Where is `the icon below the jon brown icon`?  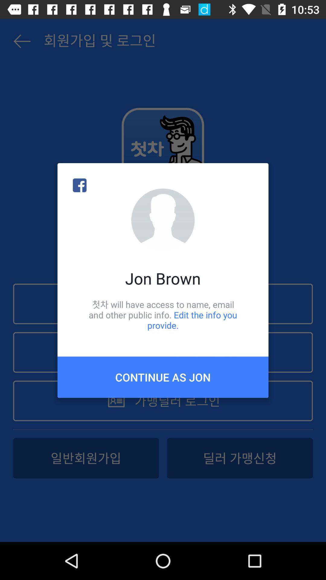
the icon below the jon brown icon is located at coordinates (163, 314).